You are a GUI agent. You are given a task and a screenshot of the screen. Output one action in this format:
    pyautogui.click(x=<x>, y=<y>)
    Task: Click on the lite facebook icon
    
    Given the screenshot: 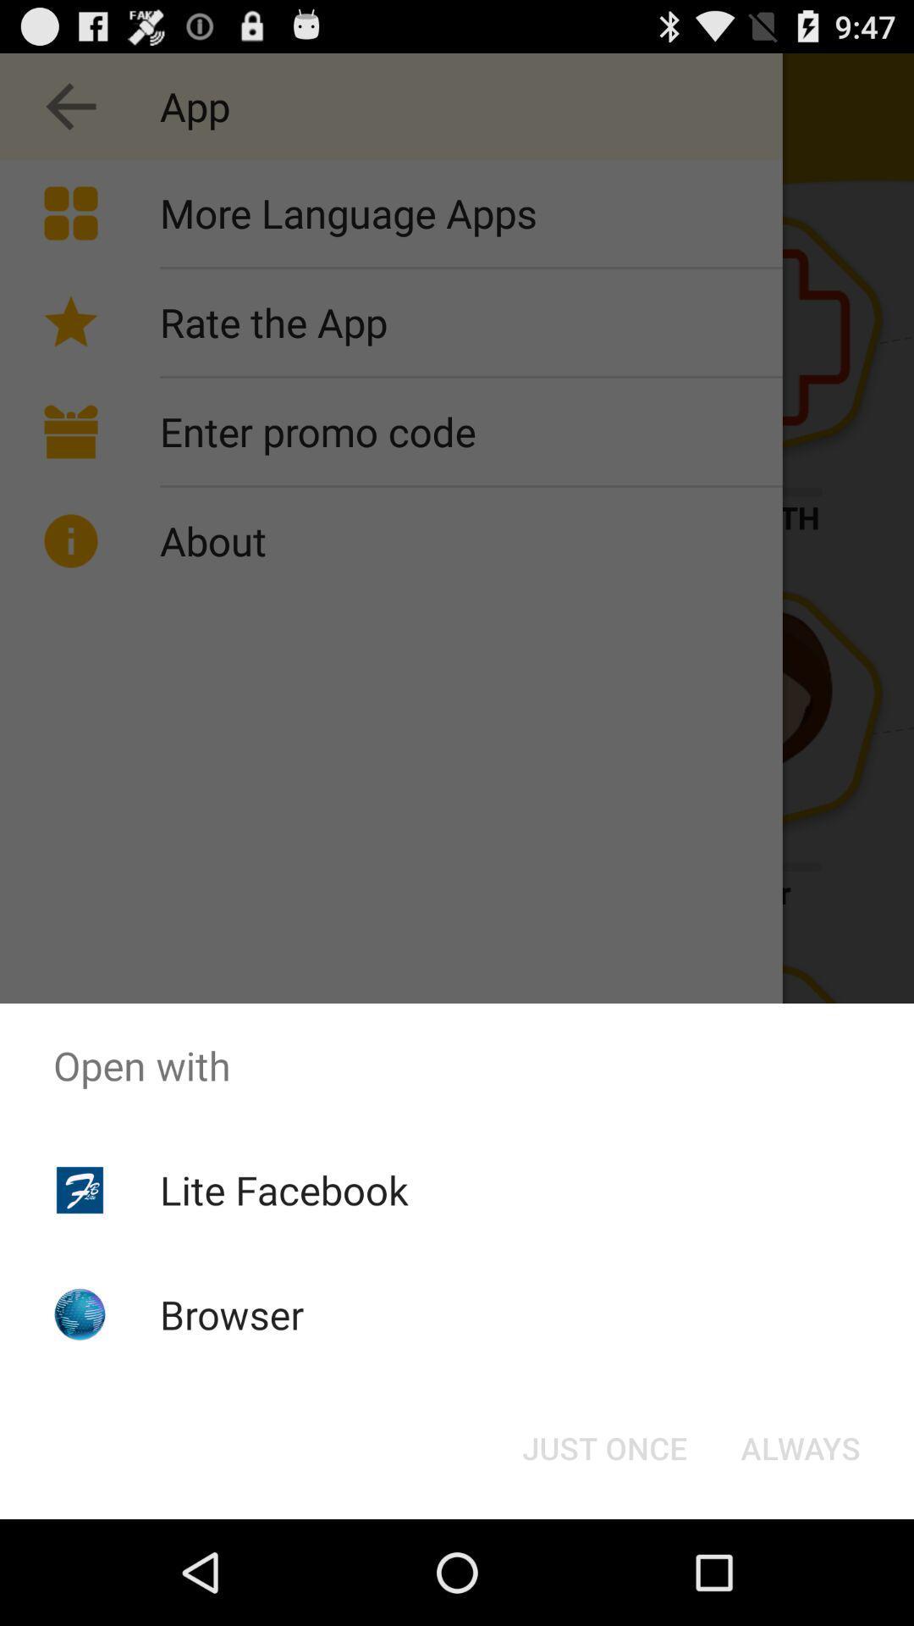 What is the action you would take?
    pyautogui.click(x=283, y=1189)
    